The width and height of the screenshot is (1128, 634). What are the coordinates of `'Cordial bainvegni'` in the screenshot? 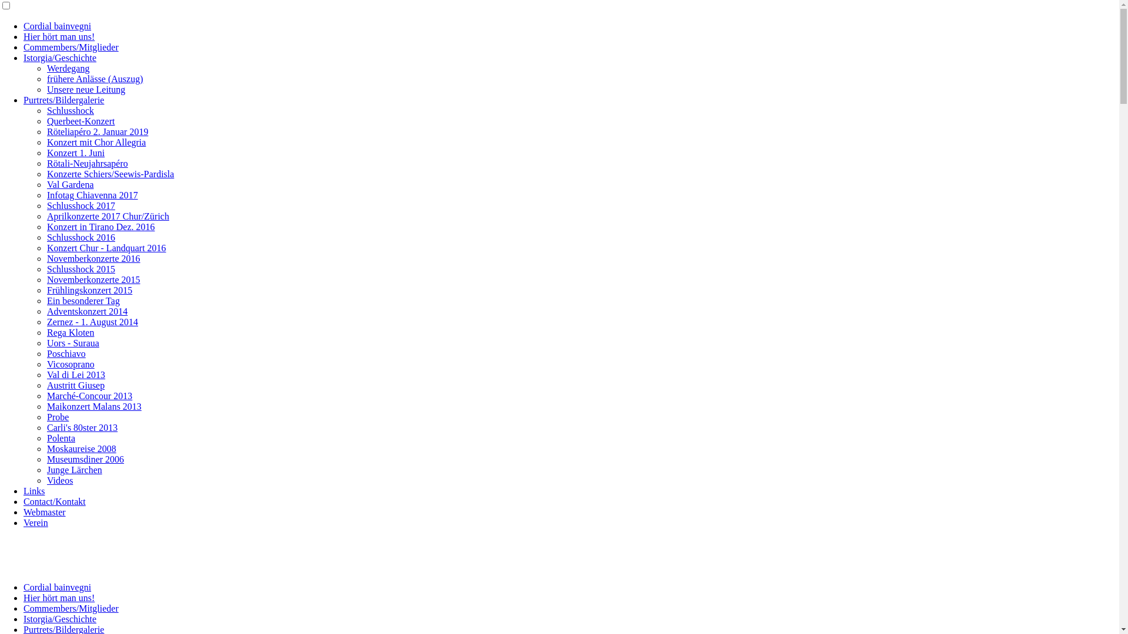 It's located at (56, 587).